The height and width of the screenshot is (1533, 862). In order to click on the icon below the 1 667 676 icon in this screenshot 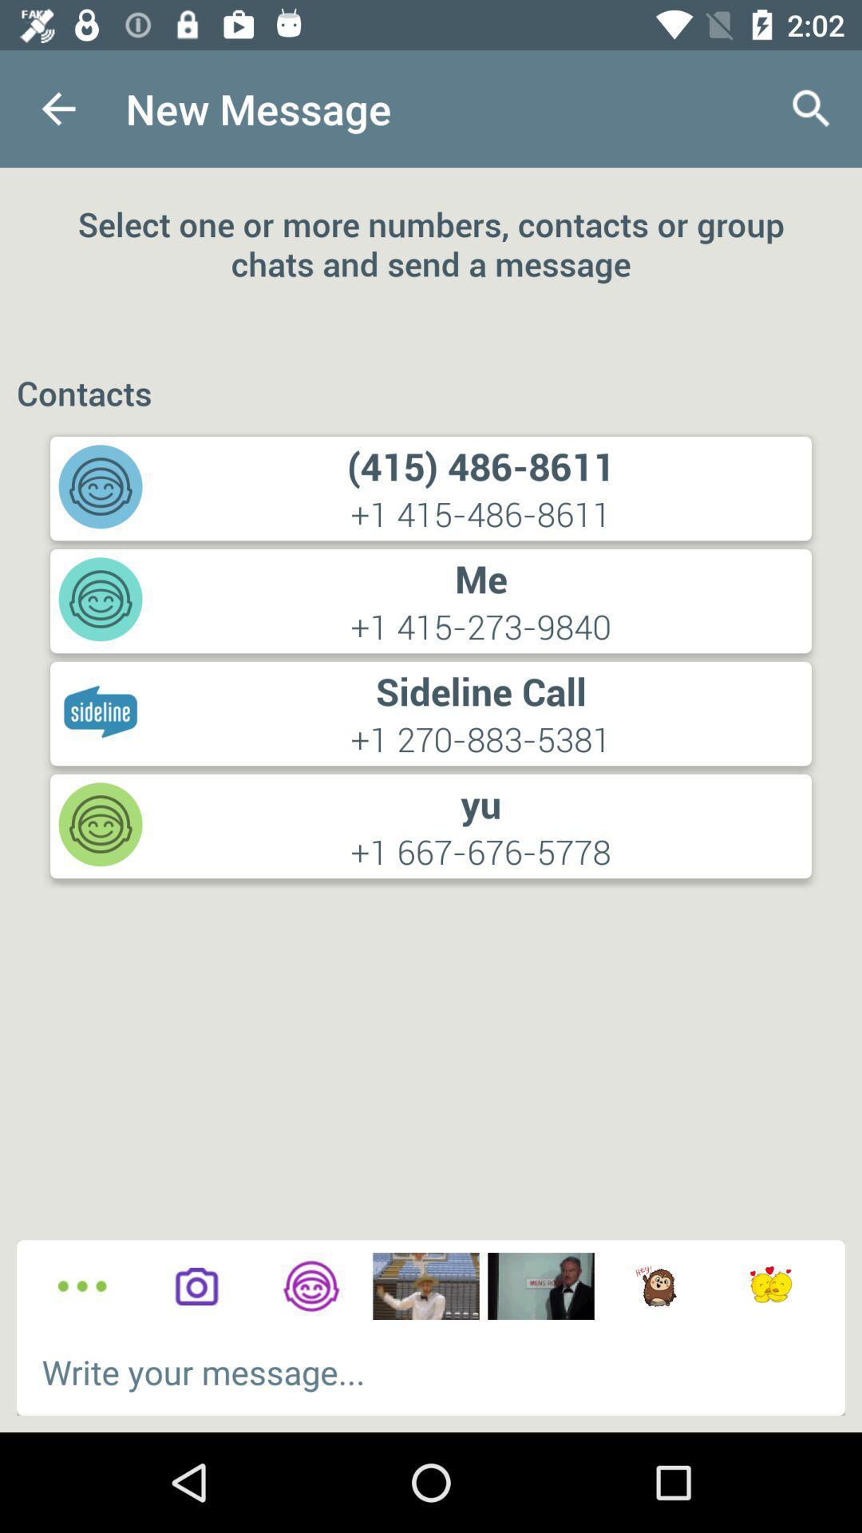, I will do `click(310, 1286)`.